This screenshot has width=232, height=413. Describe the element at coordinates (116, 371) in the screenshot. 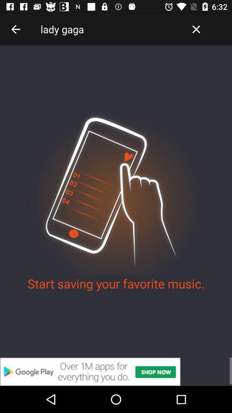

I see `interact with advertisement` at that location.